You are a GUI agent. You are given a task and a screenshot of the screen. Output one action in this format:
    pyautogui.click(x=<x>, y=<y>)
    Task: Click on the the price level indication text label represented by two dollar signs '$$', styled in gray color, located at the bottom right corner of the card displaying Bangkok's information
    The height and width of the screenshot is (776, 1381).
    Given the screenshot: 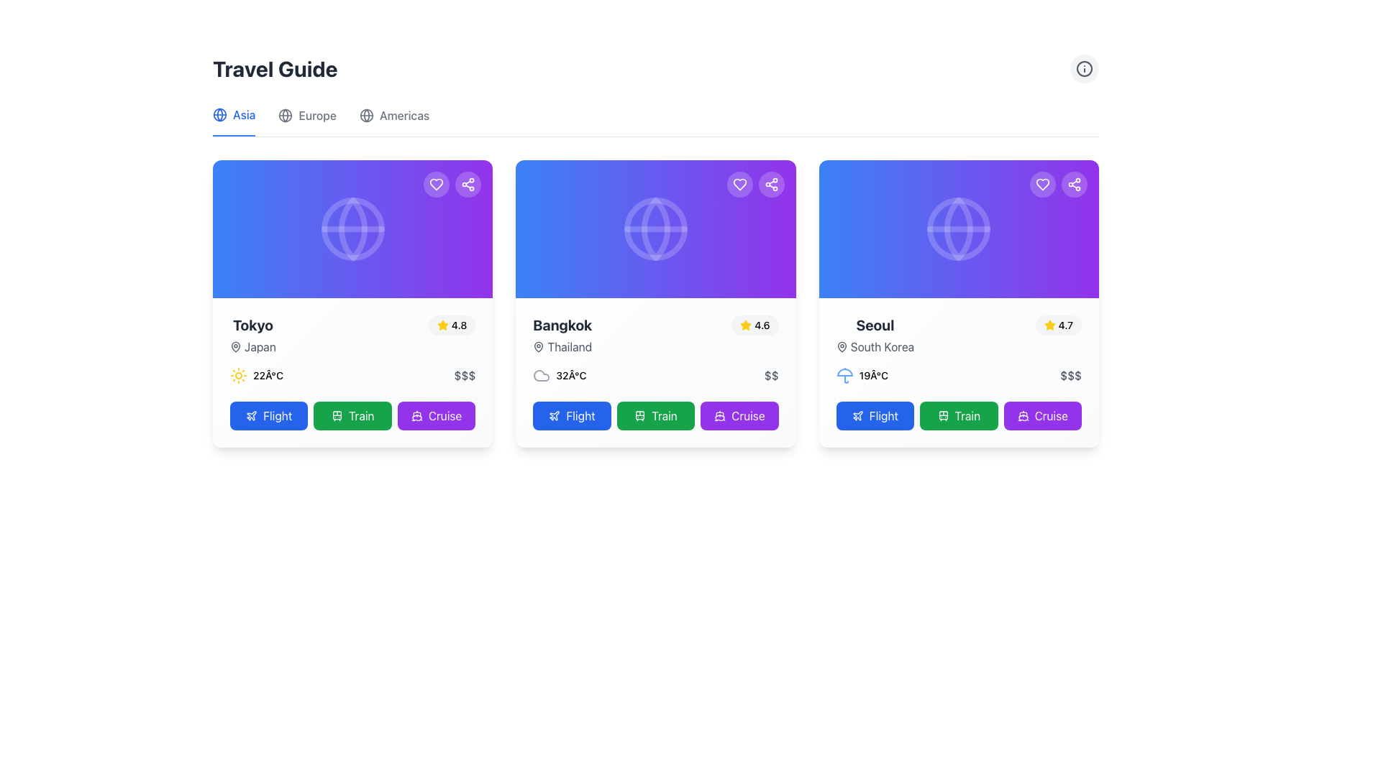 What is the action you would take?
    pyautogui.click(x=770, y=375)
    